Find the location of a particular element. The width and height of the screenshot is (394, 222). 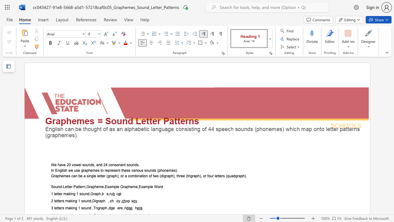

the subset text "nant soun" within the text "We have 20 vowel sounds, and 24 consonant sounds." is located at coordinates (118, 165).